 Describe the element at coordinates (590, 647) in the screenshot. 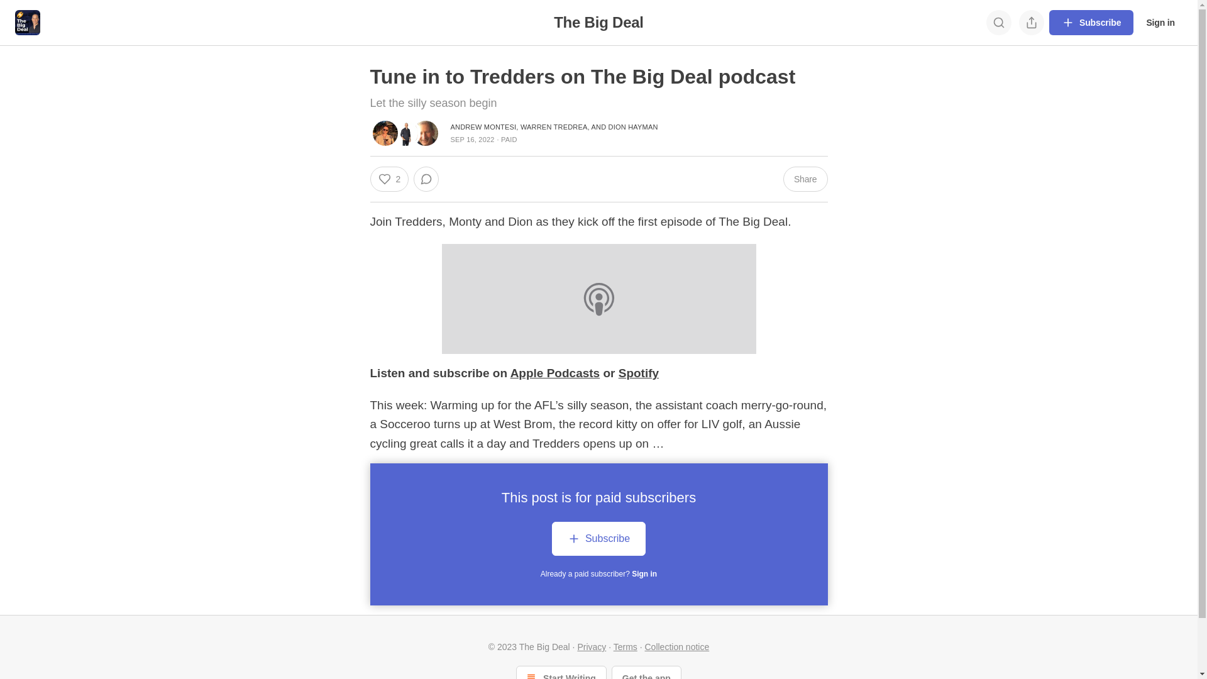

I see `'Privacy'` at that location.